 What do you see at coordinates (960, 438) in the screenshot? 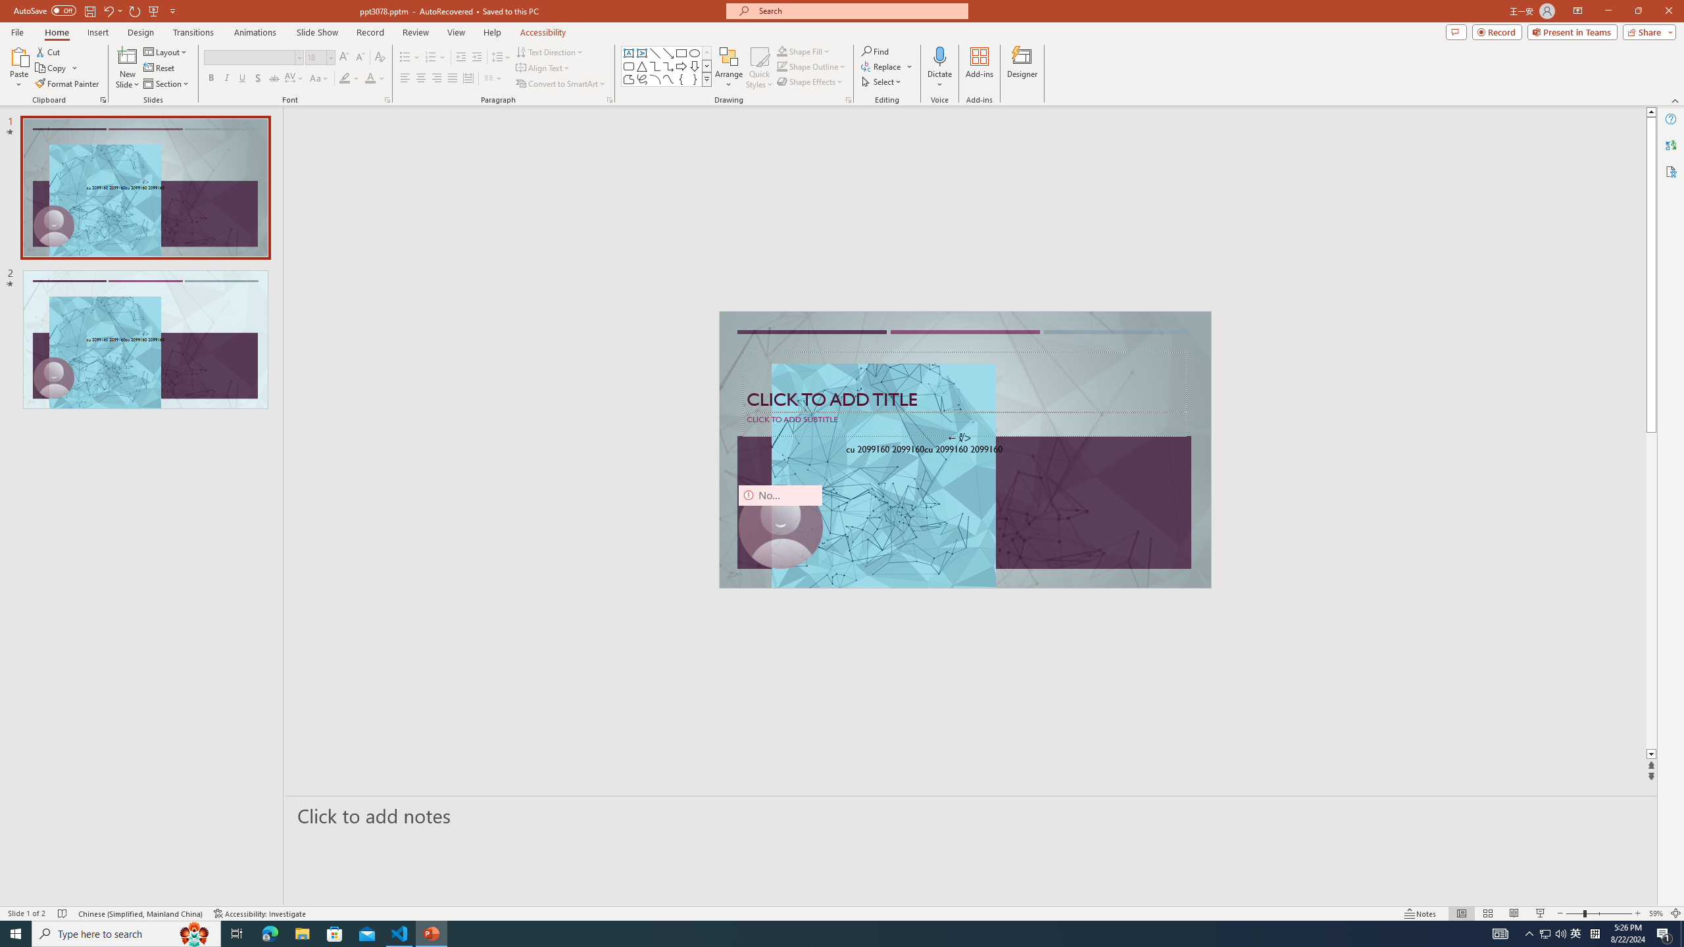
I see `'TextBox 7'` at bounding box center [960, 438].